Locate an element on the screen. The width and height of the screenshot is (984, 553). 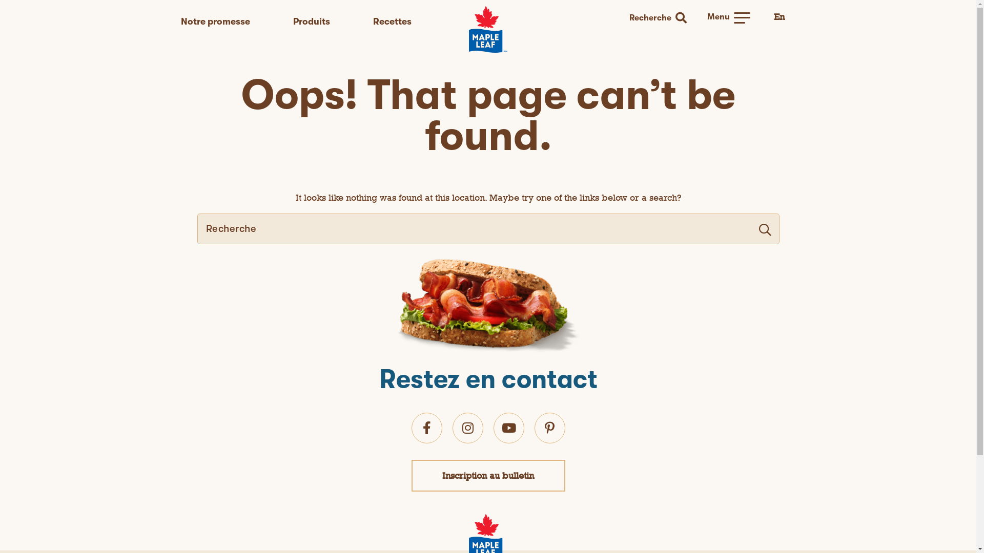
'En' is located at coordinates (774, 16).